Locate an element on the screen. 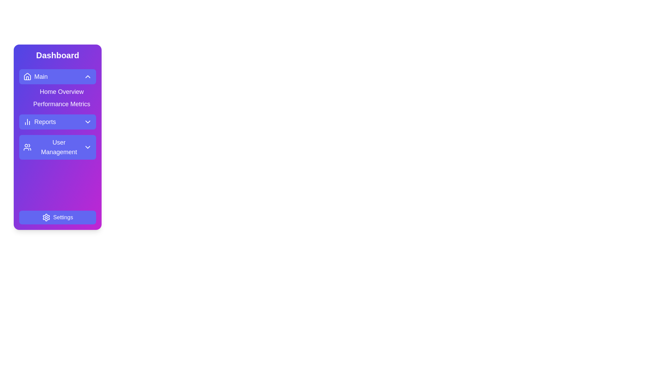  the gear icon representing settings is located at coordinates (46, 218).